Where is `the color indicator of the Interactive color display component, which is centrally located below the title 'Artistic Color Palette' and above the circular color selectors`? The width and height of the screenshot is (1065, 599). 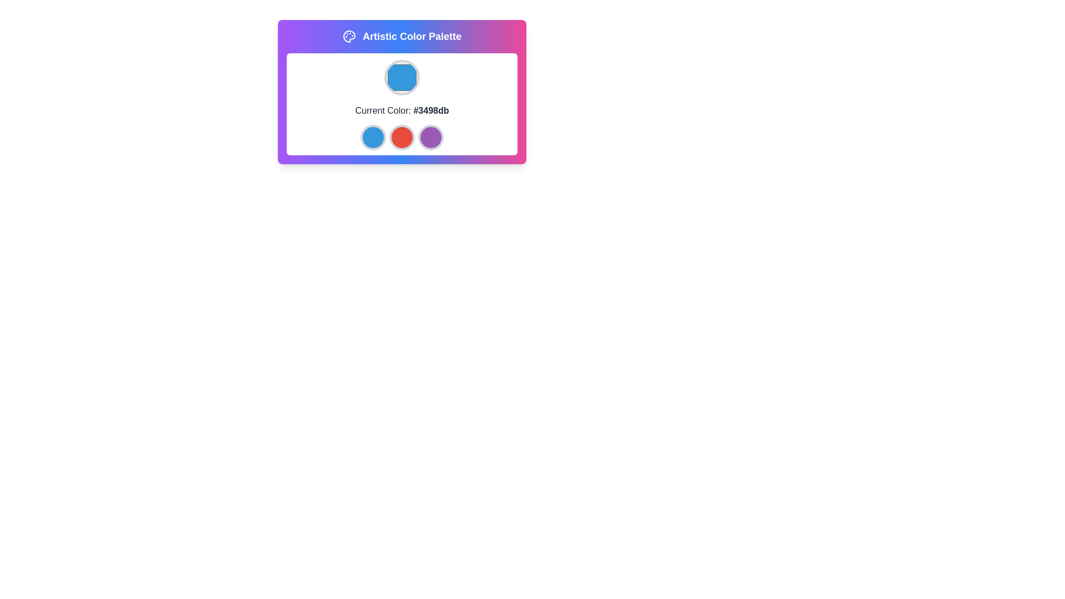
the color indicator of the Interactive color display component, which is centrally located below the title 'Artistic Color Palette' and above the circular color selectors is located at coordinates (401, 91).